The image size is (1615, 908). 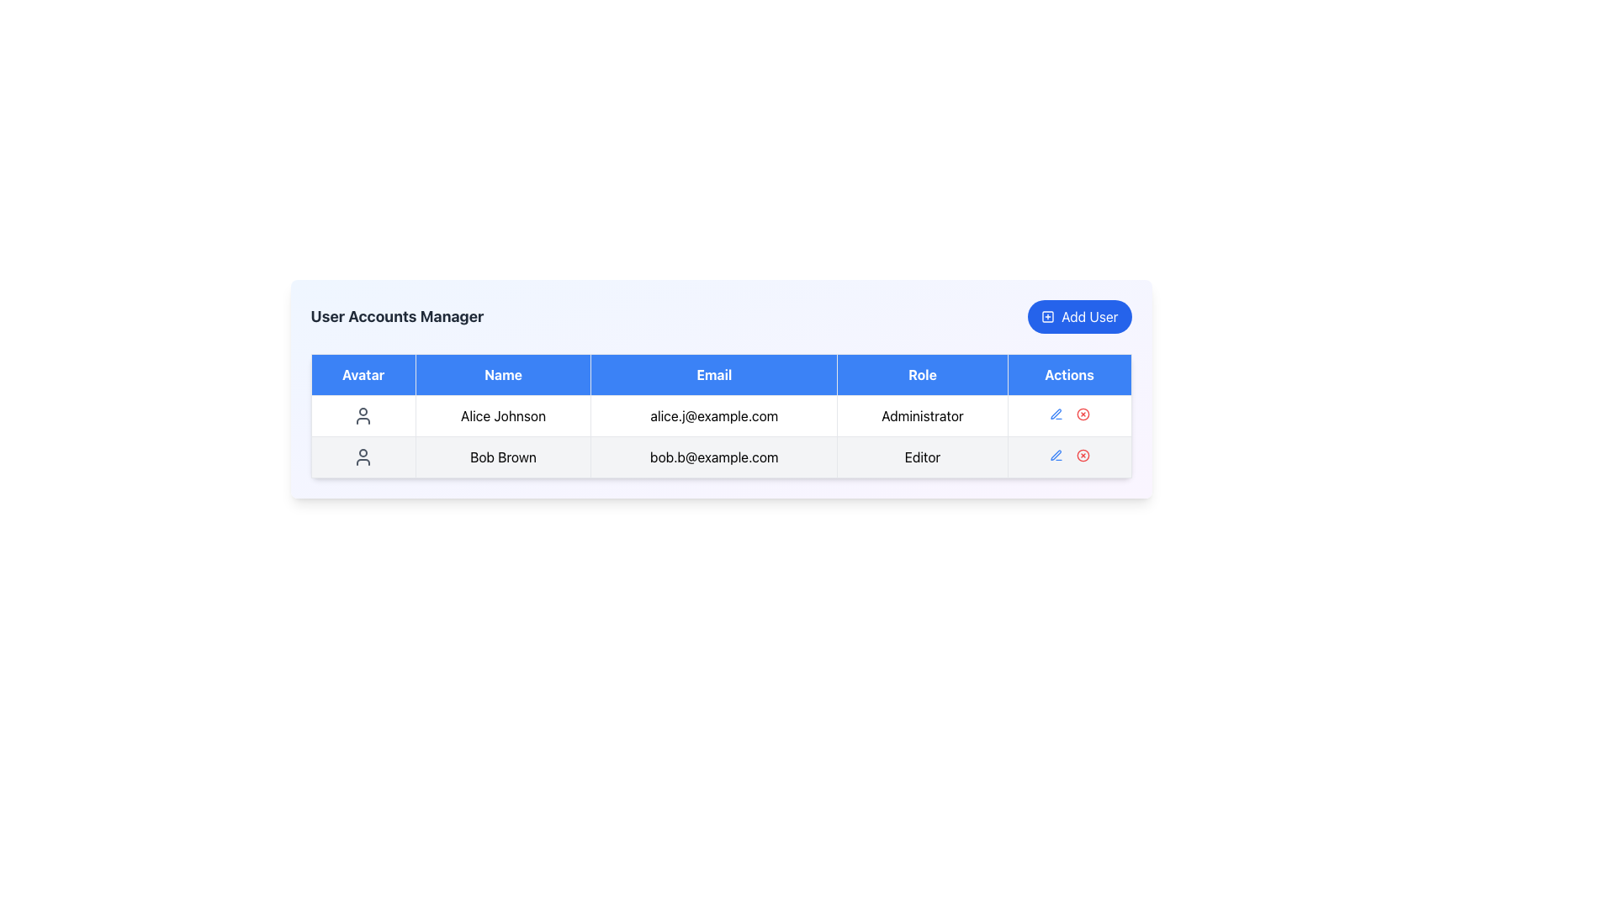 What do you see at coordinates (502, 457) in the screenshot?
I see `the text label displaying the user's name 'Bob Brown' in the second row of the 'User Accounts Manager' table` at bounding box center [502, 457].